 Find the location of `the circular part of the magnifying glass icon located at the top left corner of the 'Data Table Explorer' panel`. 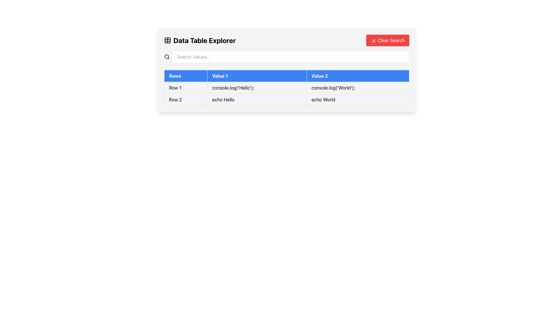

the circular part of the magnifying glass icon located at the top left corner of the 'Data Table Explorer' panel is located at coordinates (166, 57).